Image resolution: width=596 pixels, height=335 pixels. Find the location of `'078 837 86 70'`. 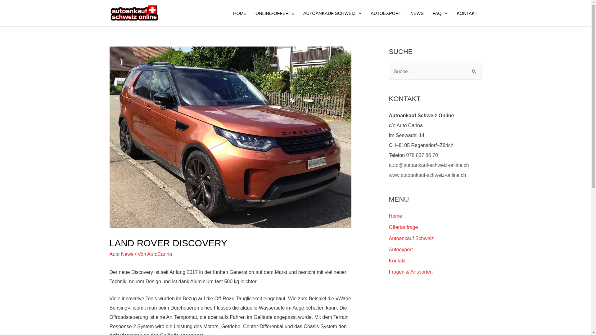

'078 837 86 70' is located at coordinates (422, 155).